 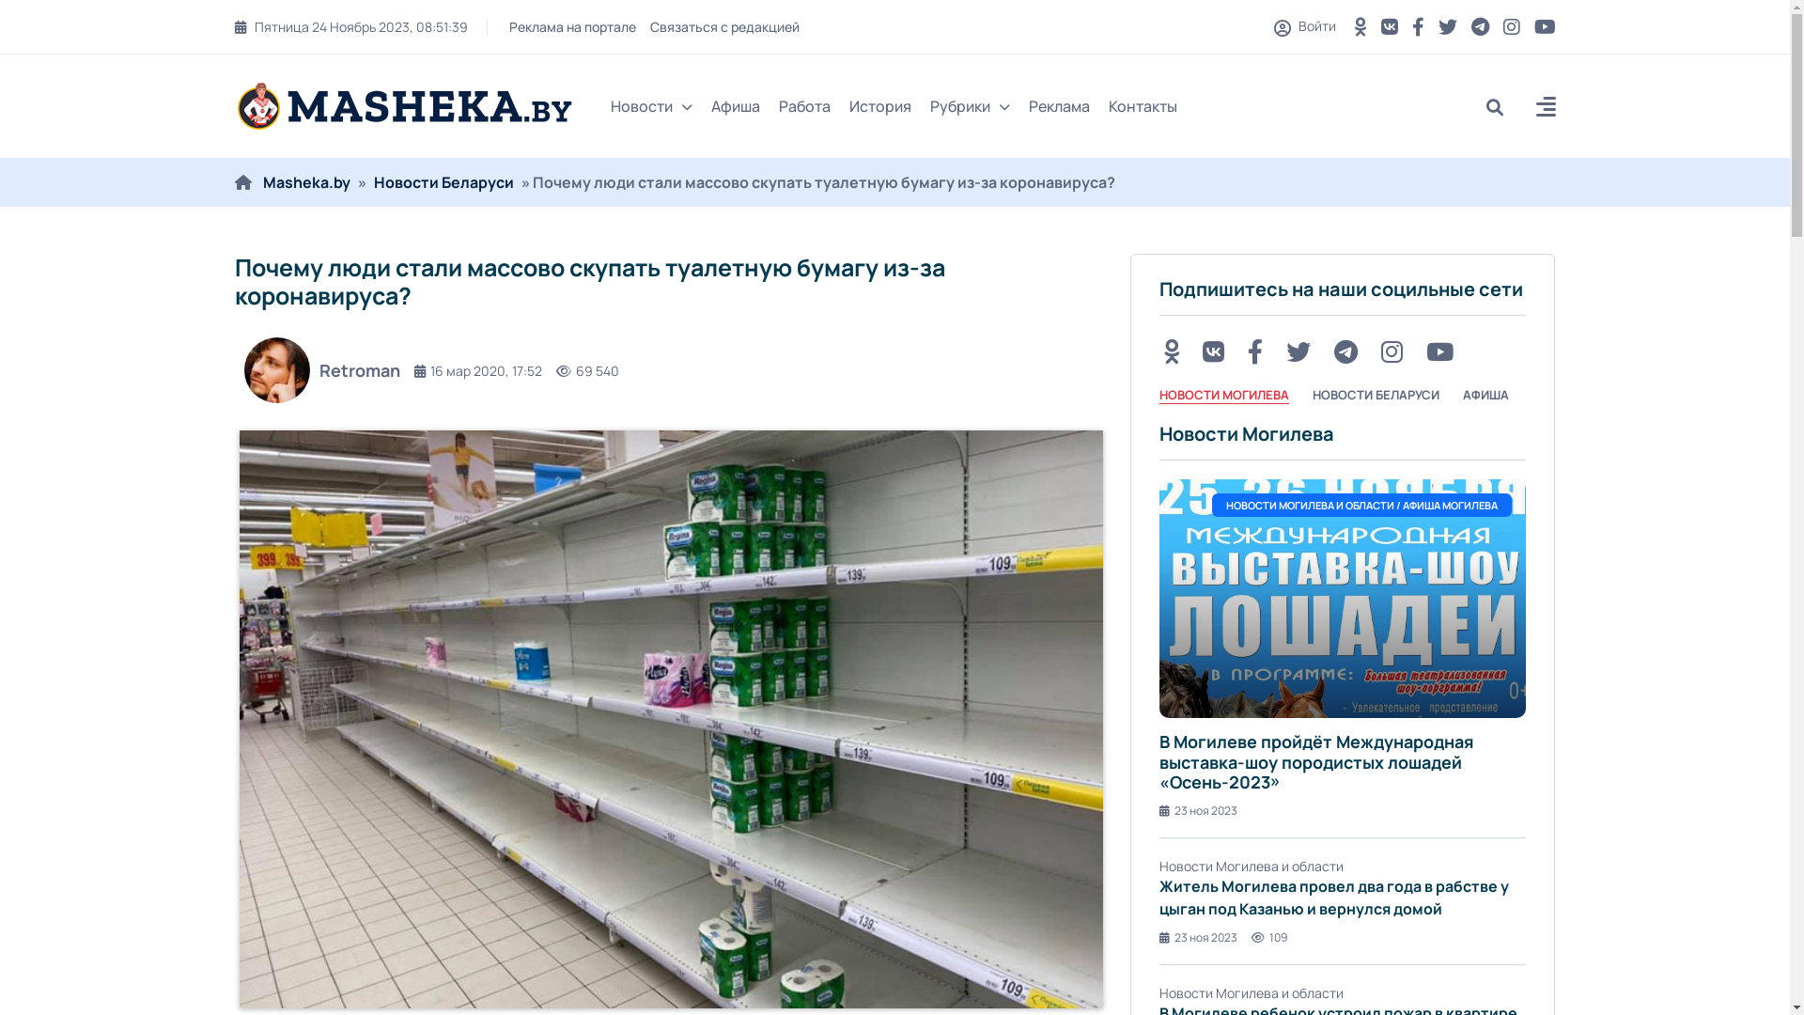 What do you see at coordinates (317, 369) in the screenshot?
I see `'Retroman'` at bounding box center [317, 369].